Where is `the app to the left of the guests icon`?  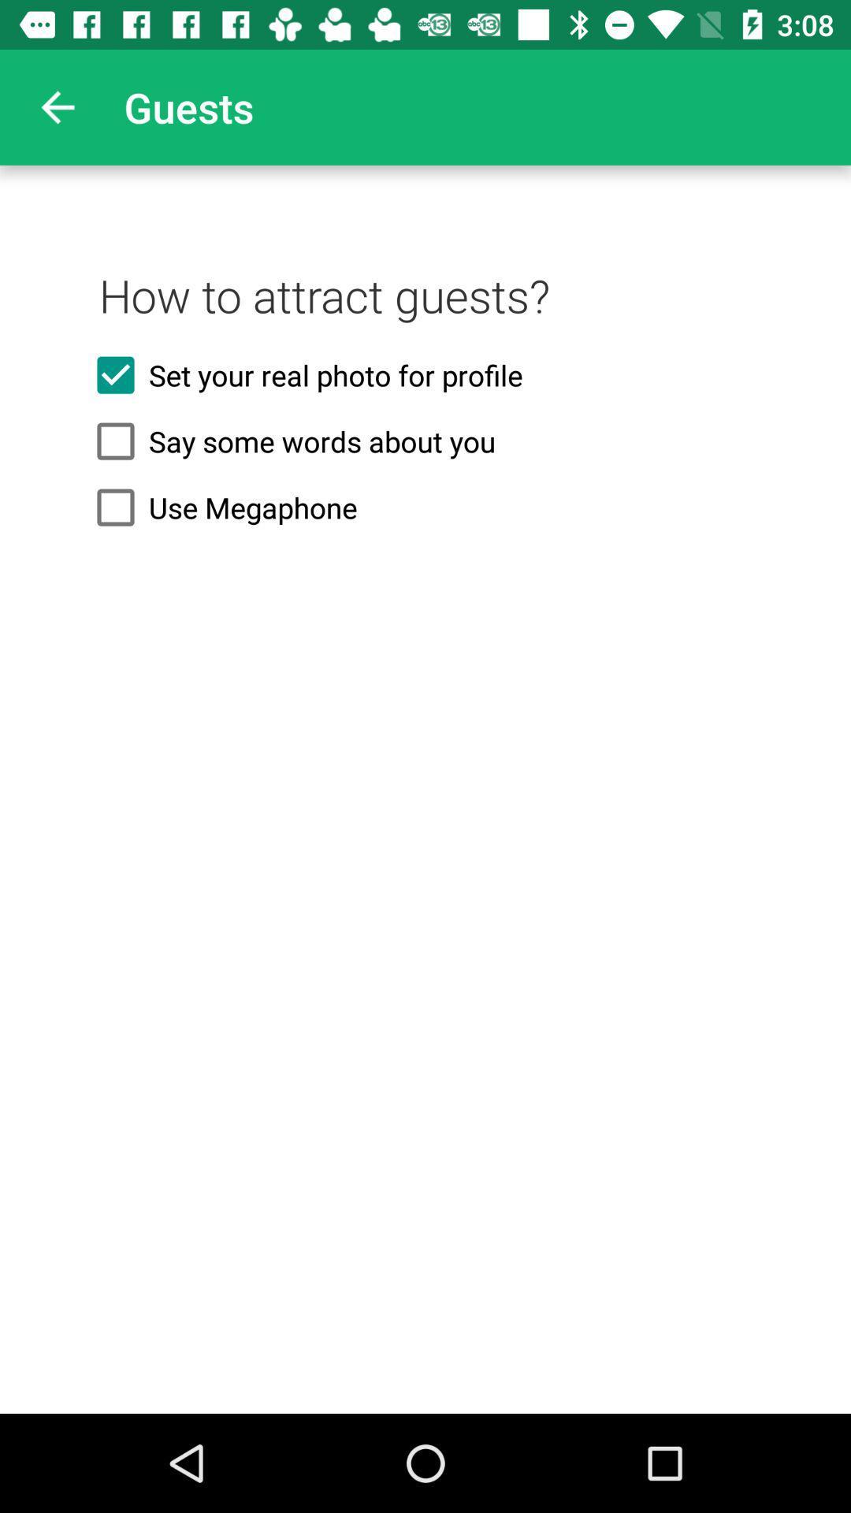 the app to the left of the guests icon is located at coordinates (57, 106).